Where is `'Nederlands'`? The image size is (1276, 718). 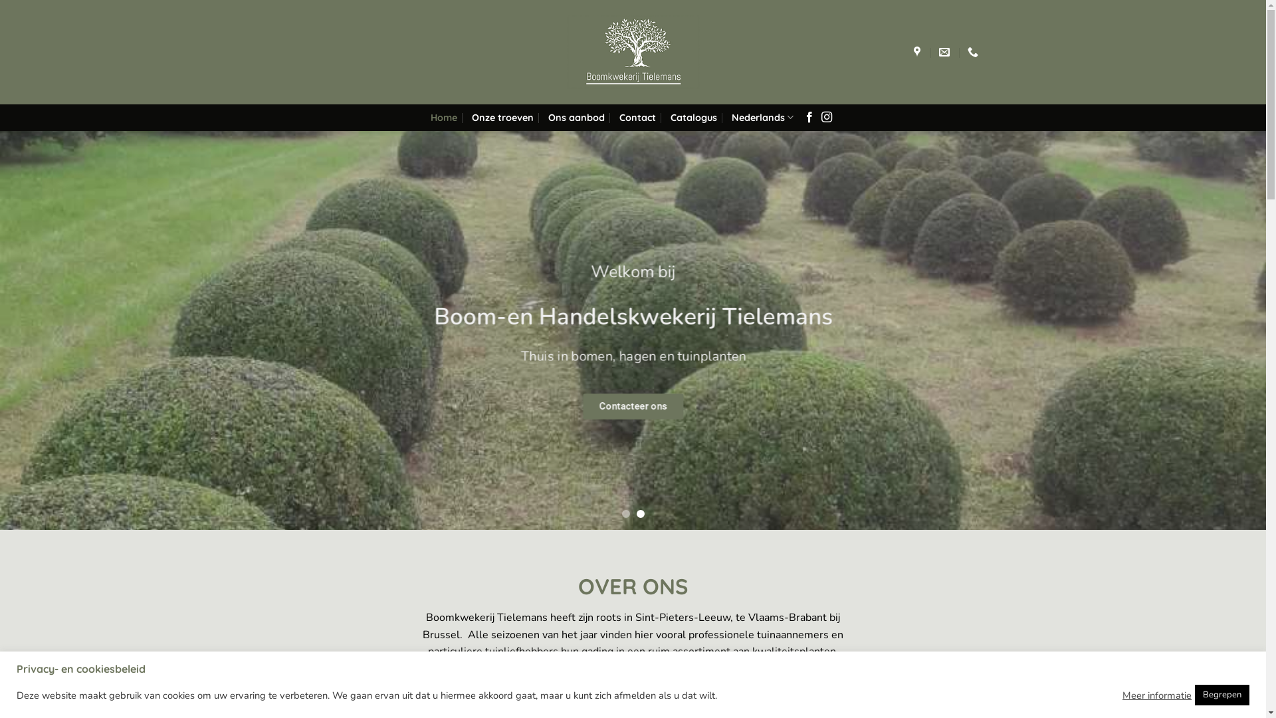
'Nederlands' is located at coordinates (730, 116).